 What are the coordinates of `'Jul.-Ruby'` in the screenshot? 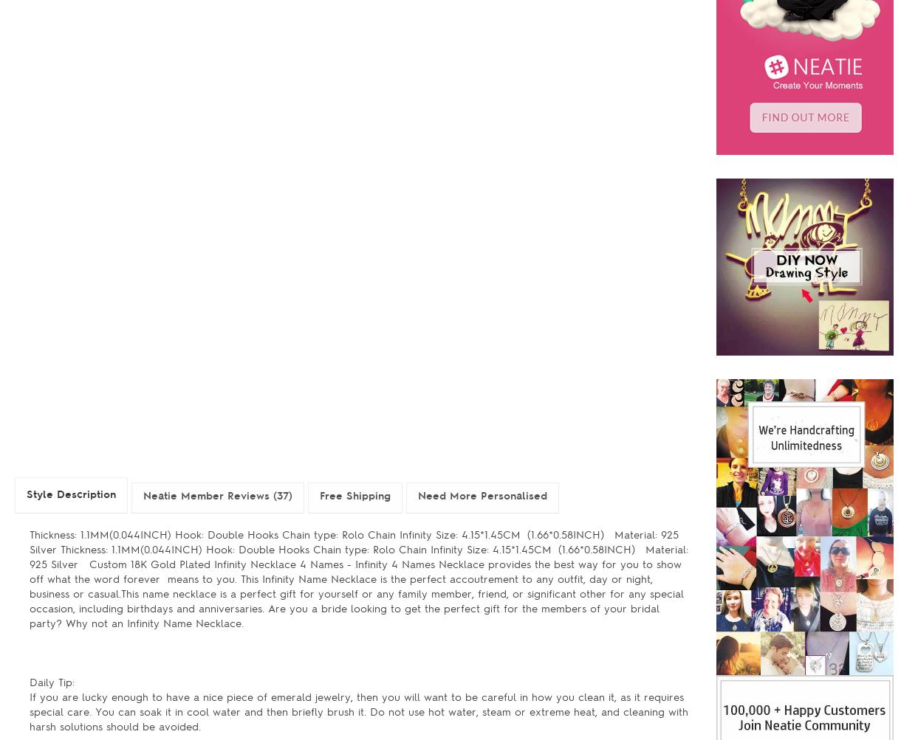 It's located at (429, 86).